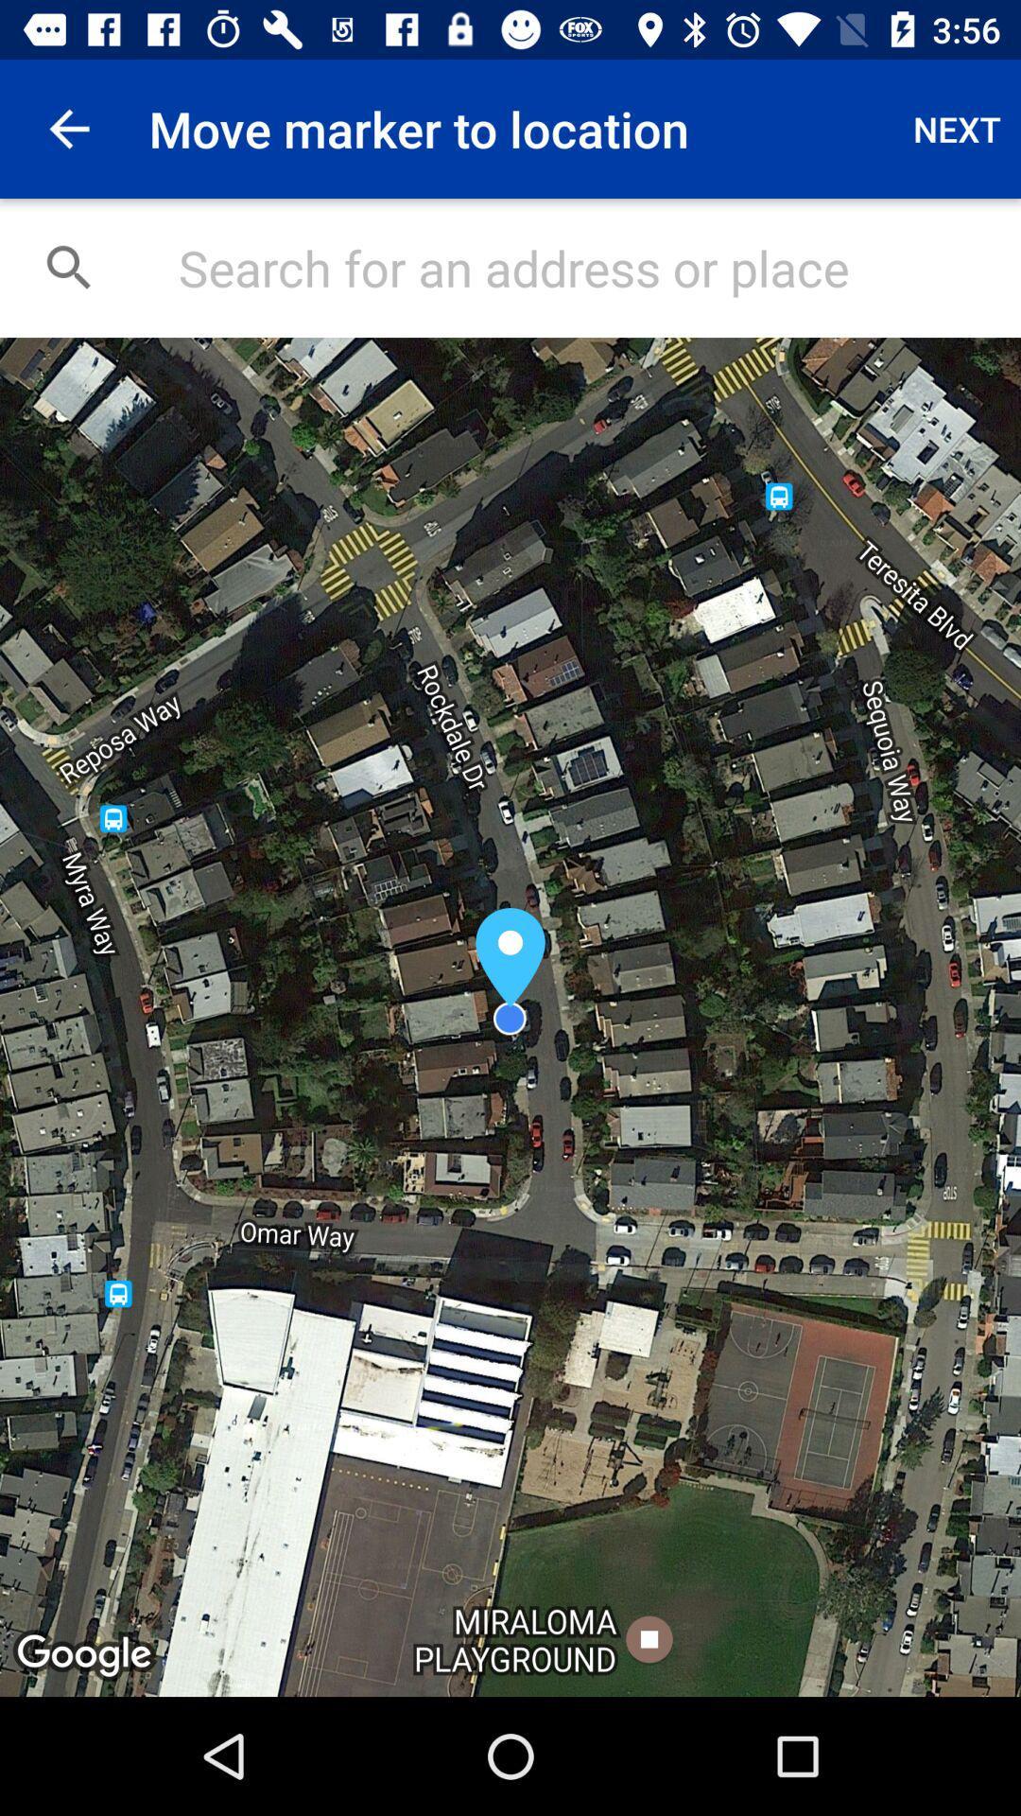 The width and height of the screenshot is (1021, 1816). I want to click on the icon to the right of the move marker to, so click(957, 128).